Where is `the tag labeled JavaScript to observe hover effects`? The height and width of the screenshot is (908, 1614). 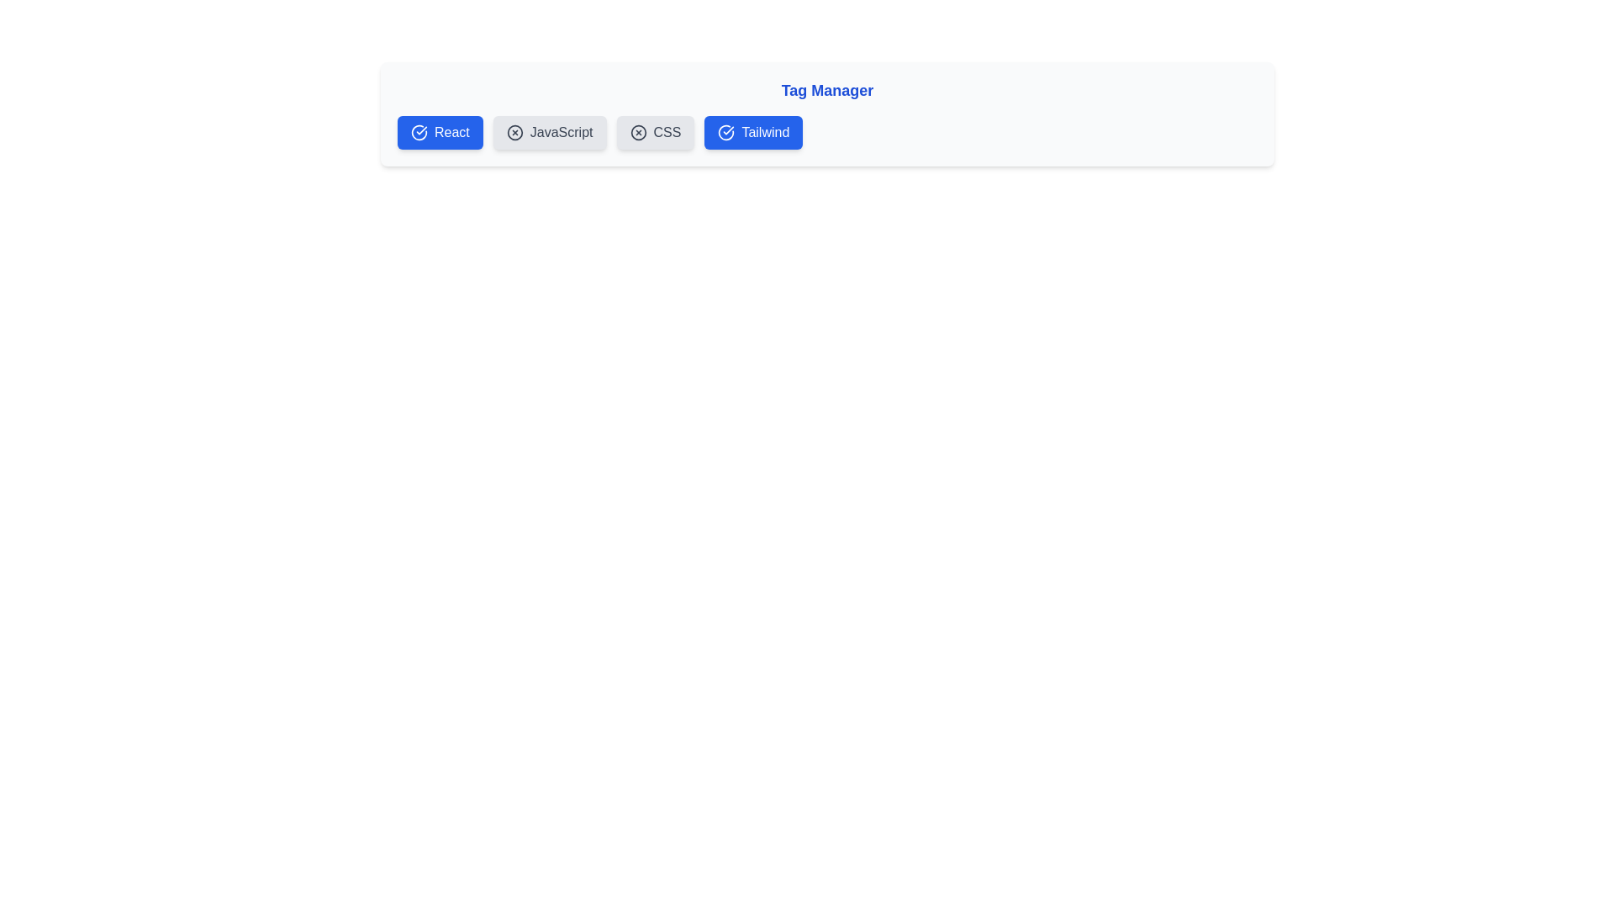
the tag labeled JavaScript to observe hover effects is located at coordinates (550, 132).